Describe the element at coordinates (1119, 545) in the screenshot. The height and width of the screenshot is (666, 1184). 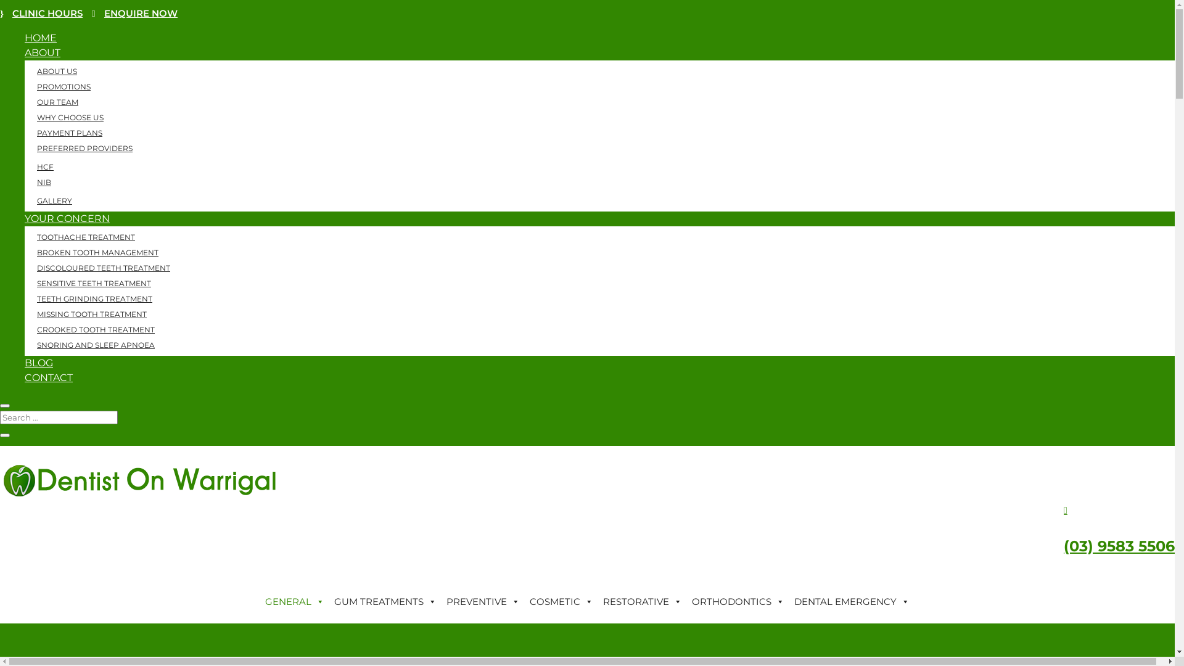
I see `'(03) 9583 5506'` at that location.